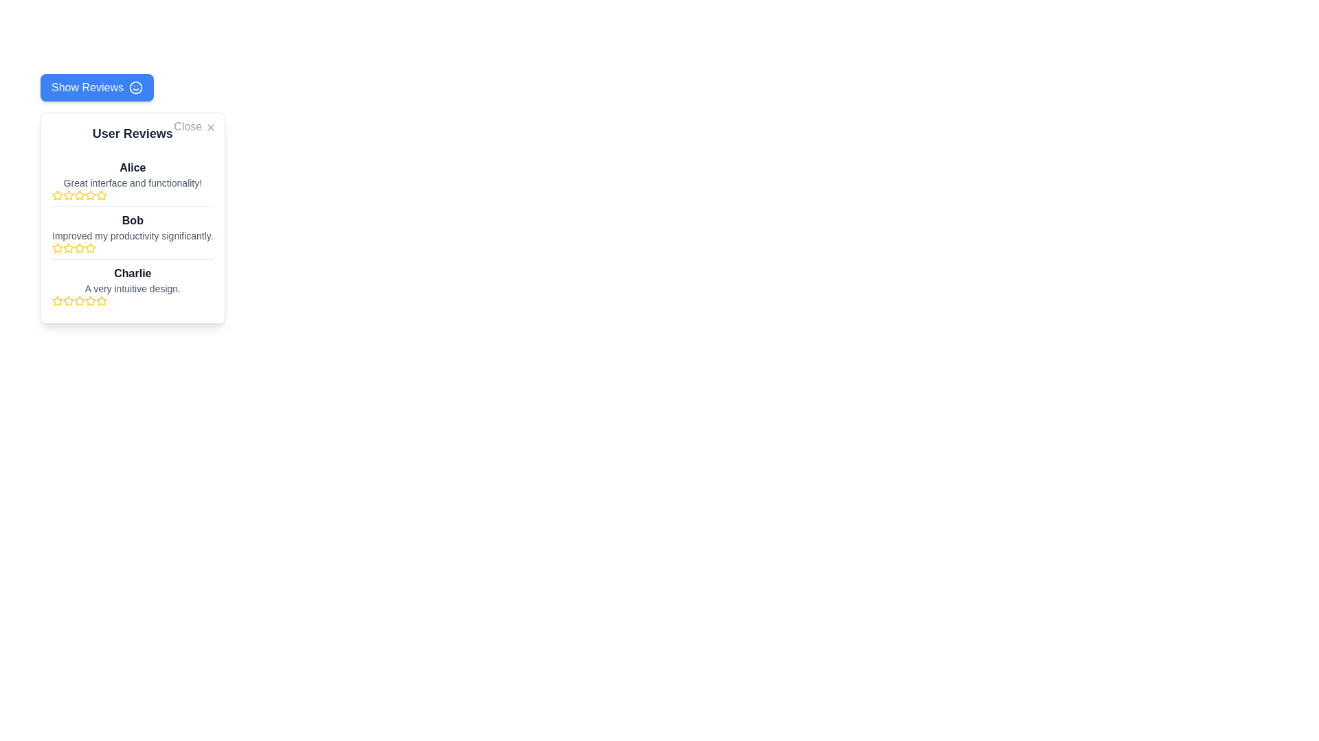 This screenshot has height=741, width=1319. What do you see at coordinates (135, 87) in the screenshot?
I see `the smiley face icon located on the right side of the 'Show Reviews' button, which indicates positive feedback or user reviews` at bounding box center [135, 87].